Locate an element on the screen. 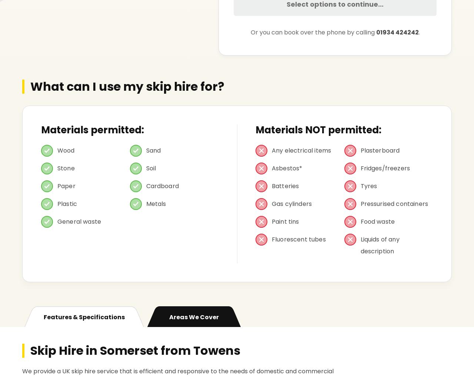 Image resolution: width=474 pixels, height=377 pixels. 'Wood' is located at coordinates (66, 150).